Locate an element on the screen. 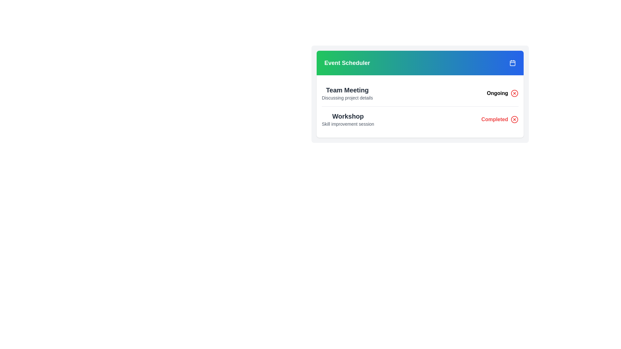 The image size is (621, 349). the status Textbox or Label indicating ongoing task or event, positioned to the right of the 'Team Meeting' row and before the close-button is located at coordinates (497, 93).